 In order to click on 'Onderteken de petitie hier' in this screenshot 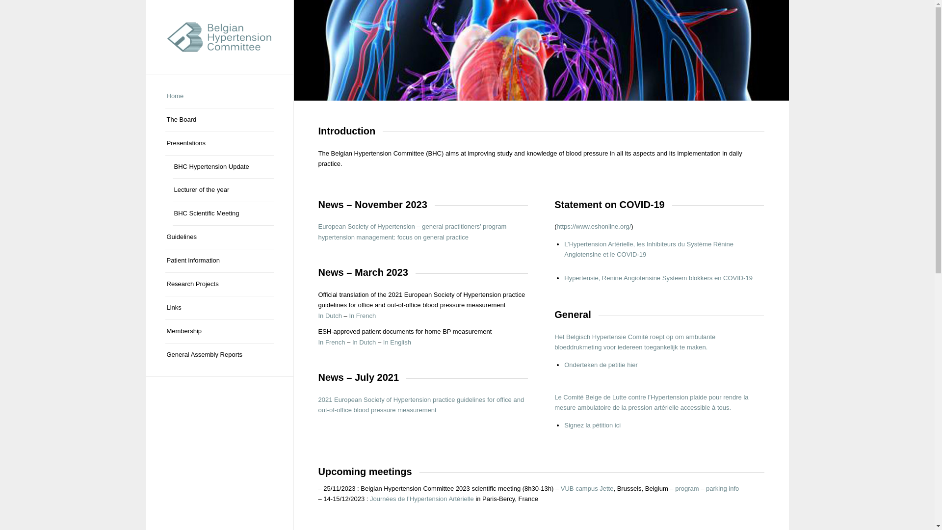, I will do `click(564, 365)`.